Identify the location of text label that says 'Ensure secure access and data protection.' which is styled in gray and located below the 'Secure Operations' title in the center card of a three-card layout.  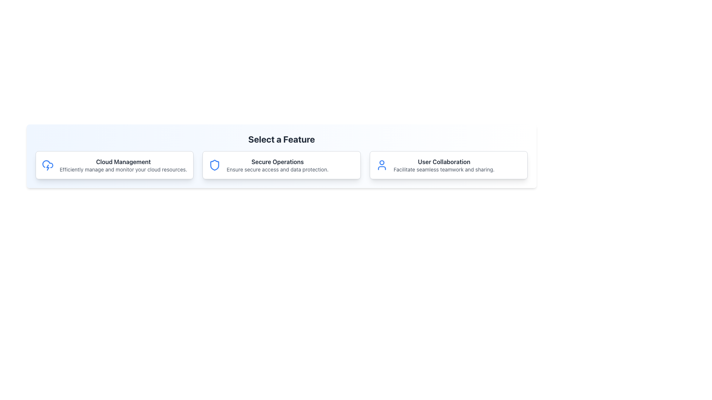
(277, 169).